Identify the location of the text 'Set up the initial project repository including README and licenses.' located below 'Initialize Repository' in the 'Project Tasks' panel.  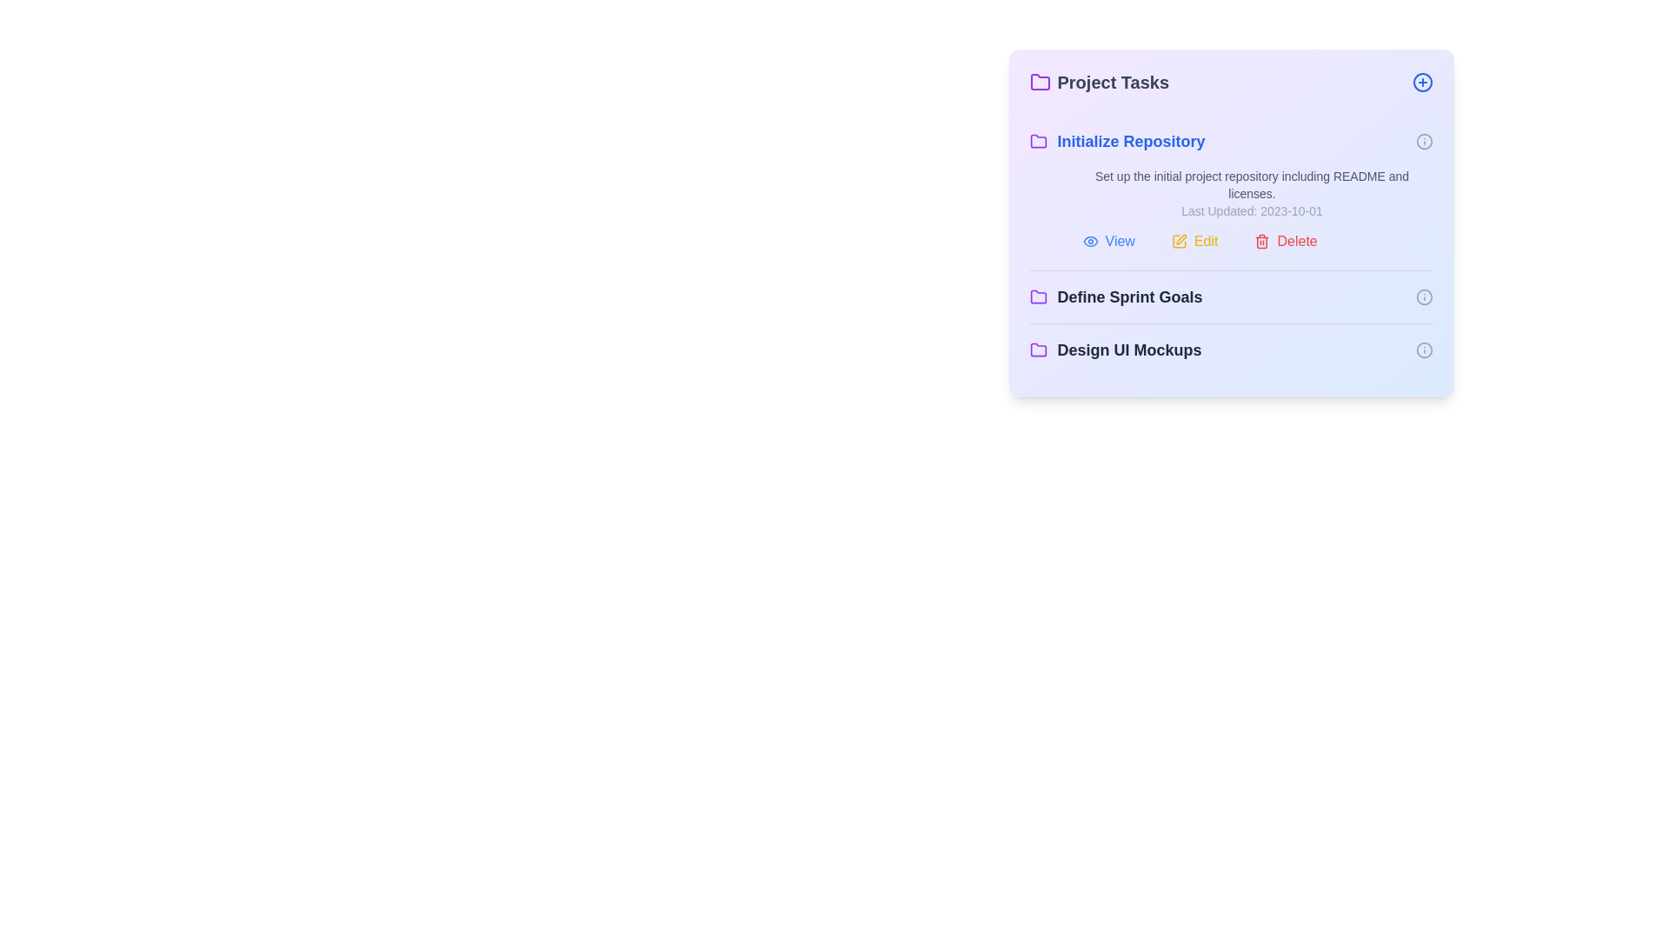
(1252, 184).